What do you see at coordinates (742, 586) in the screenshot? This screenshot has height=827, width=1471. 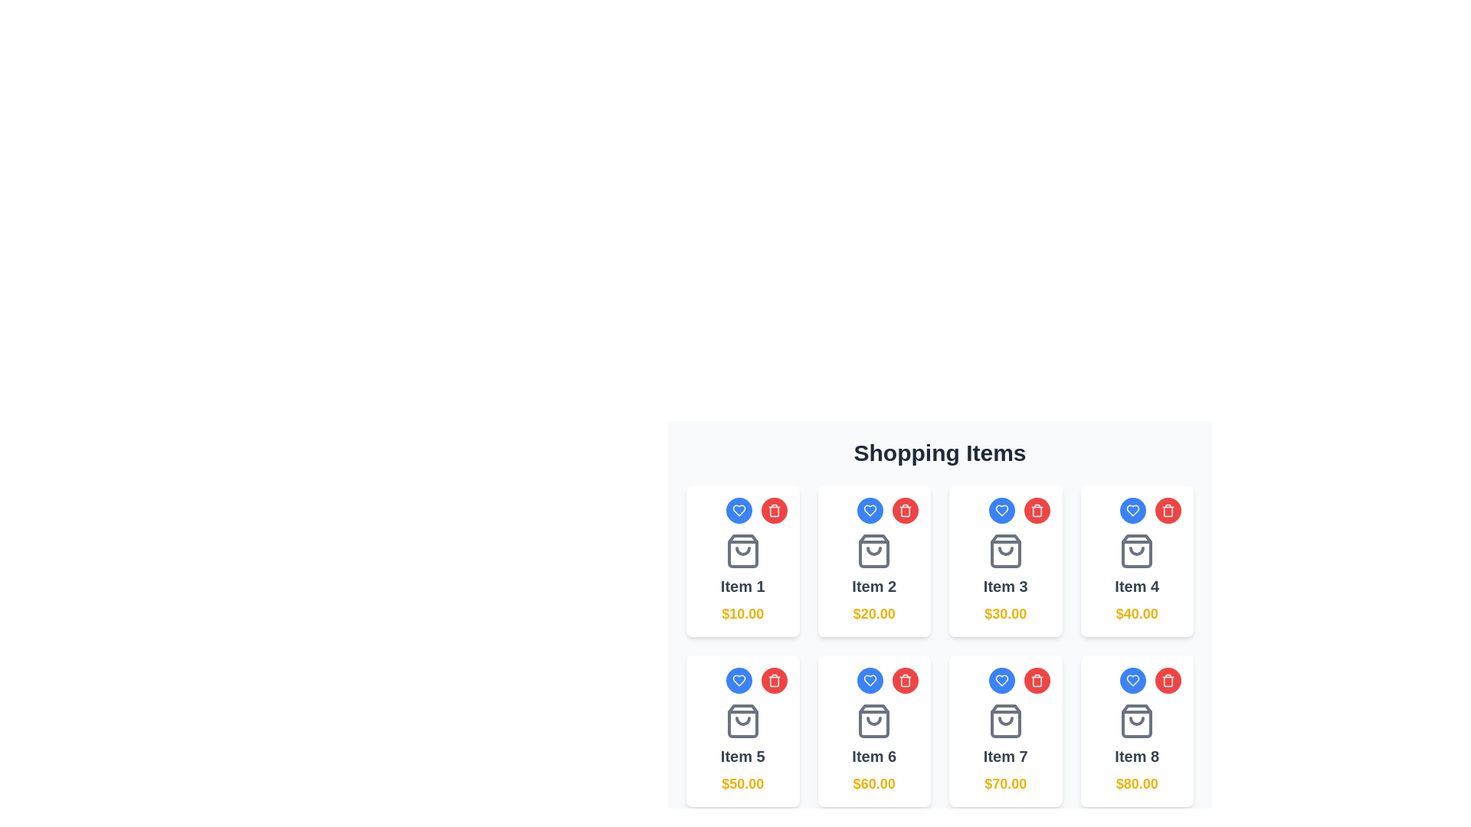 I see `the text label that serves as the title for the shopping item, located below the shopping bag icon and above the price label` at bounding box center [742, 586].